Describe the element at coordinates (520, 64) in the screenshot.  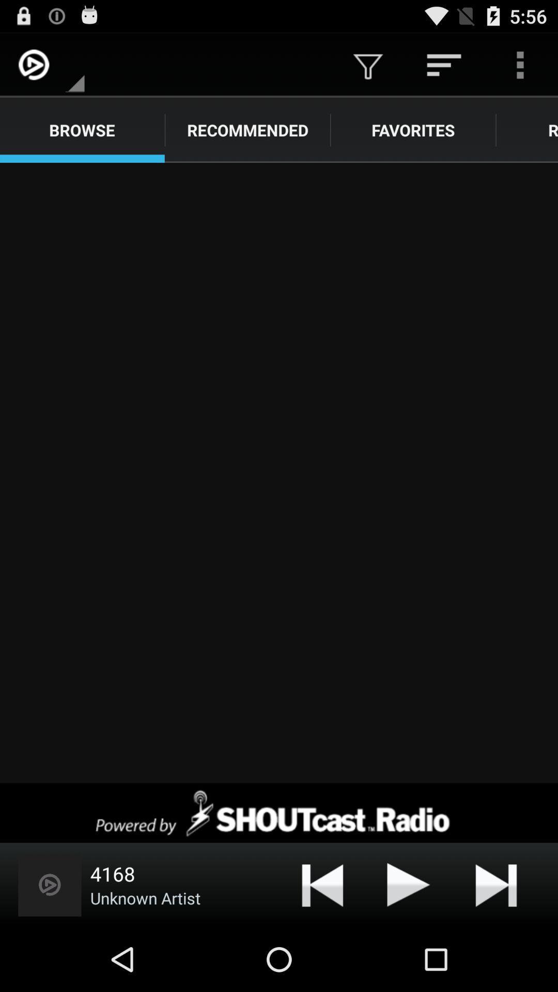
I see `app above recent icon` at that location.